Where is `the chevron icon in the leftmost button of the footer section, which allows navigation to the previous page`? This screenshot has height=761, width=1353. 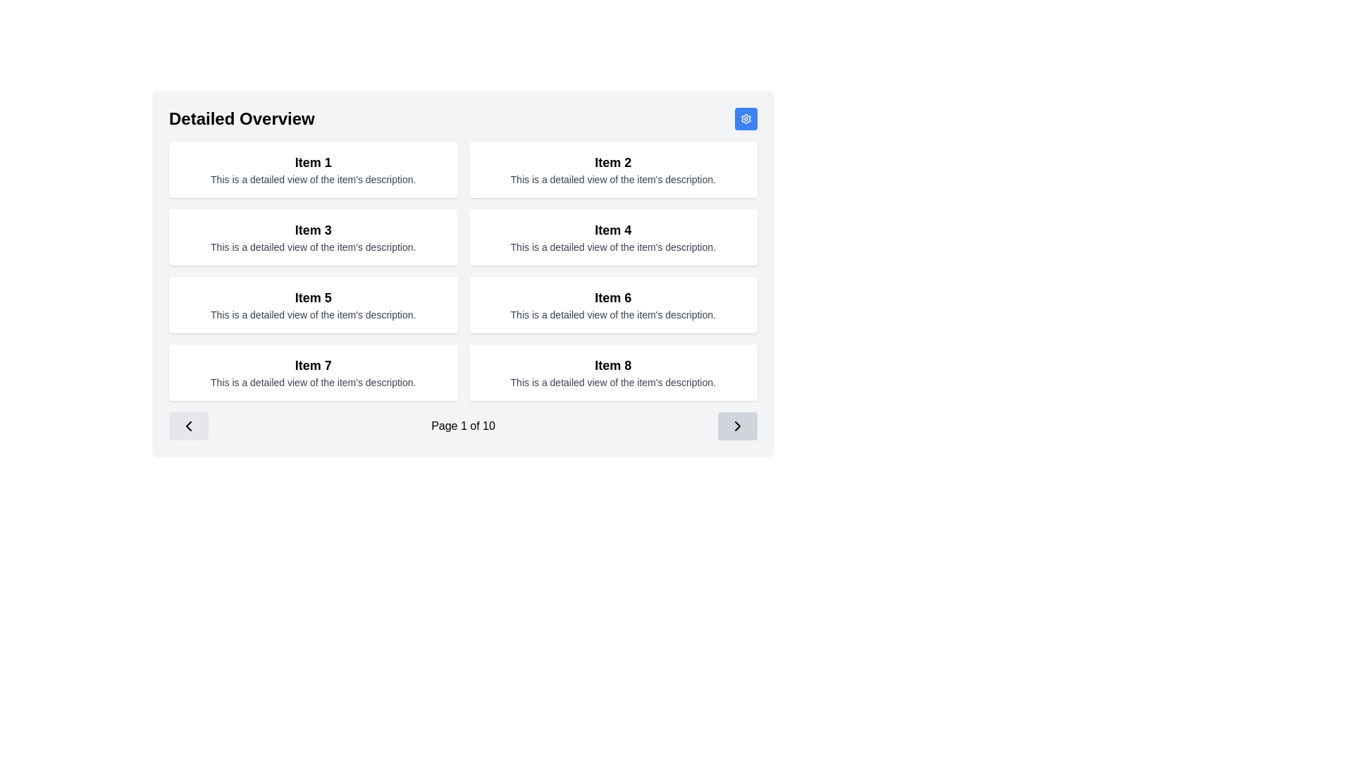 the chevron icon in the leftmost button of the footer section, which allows navigation to the previous page is located at coordinates (188, 426).